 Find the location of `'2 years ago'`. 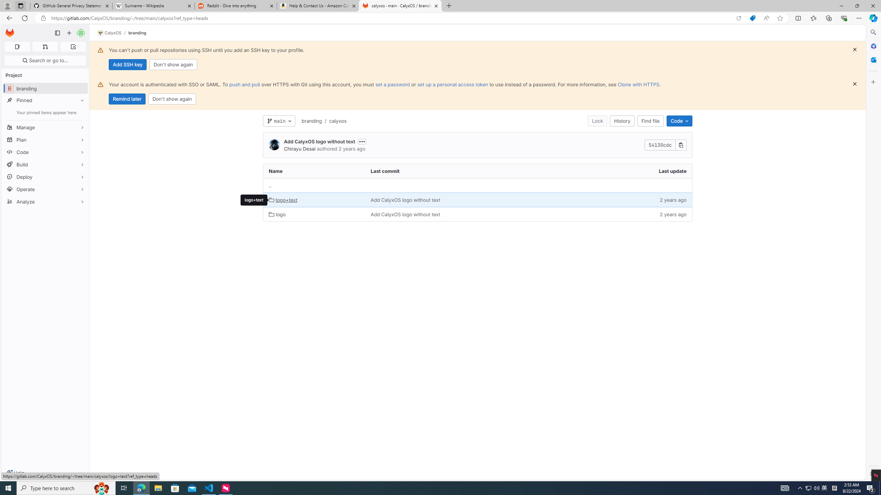

'2 years ago' is located at coordinates (633, 213).